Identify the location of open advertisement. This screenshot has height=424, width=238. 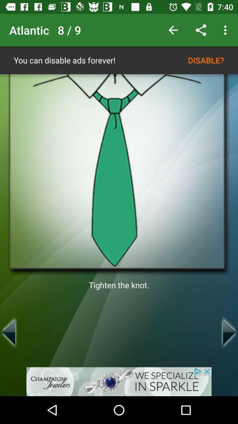
(119, 381).